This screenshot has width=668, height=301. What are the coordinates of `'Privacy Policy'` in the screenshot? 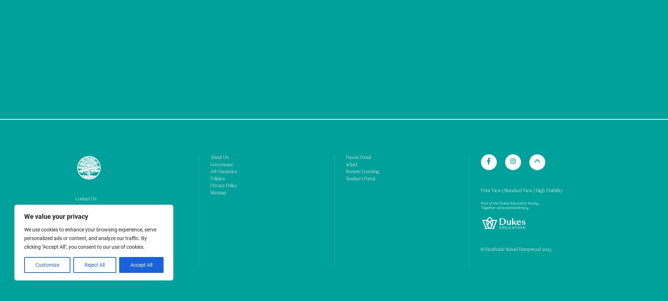 It's located at (224, 10).